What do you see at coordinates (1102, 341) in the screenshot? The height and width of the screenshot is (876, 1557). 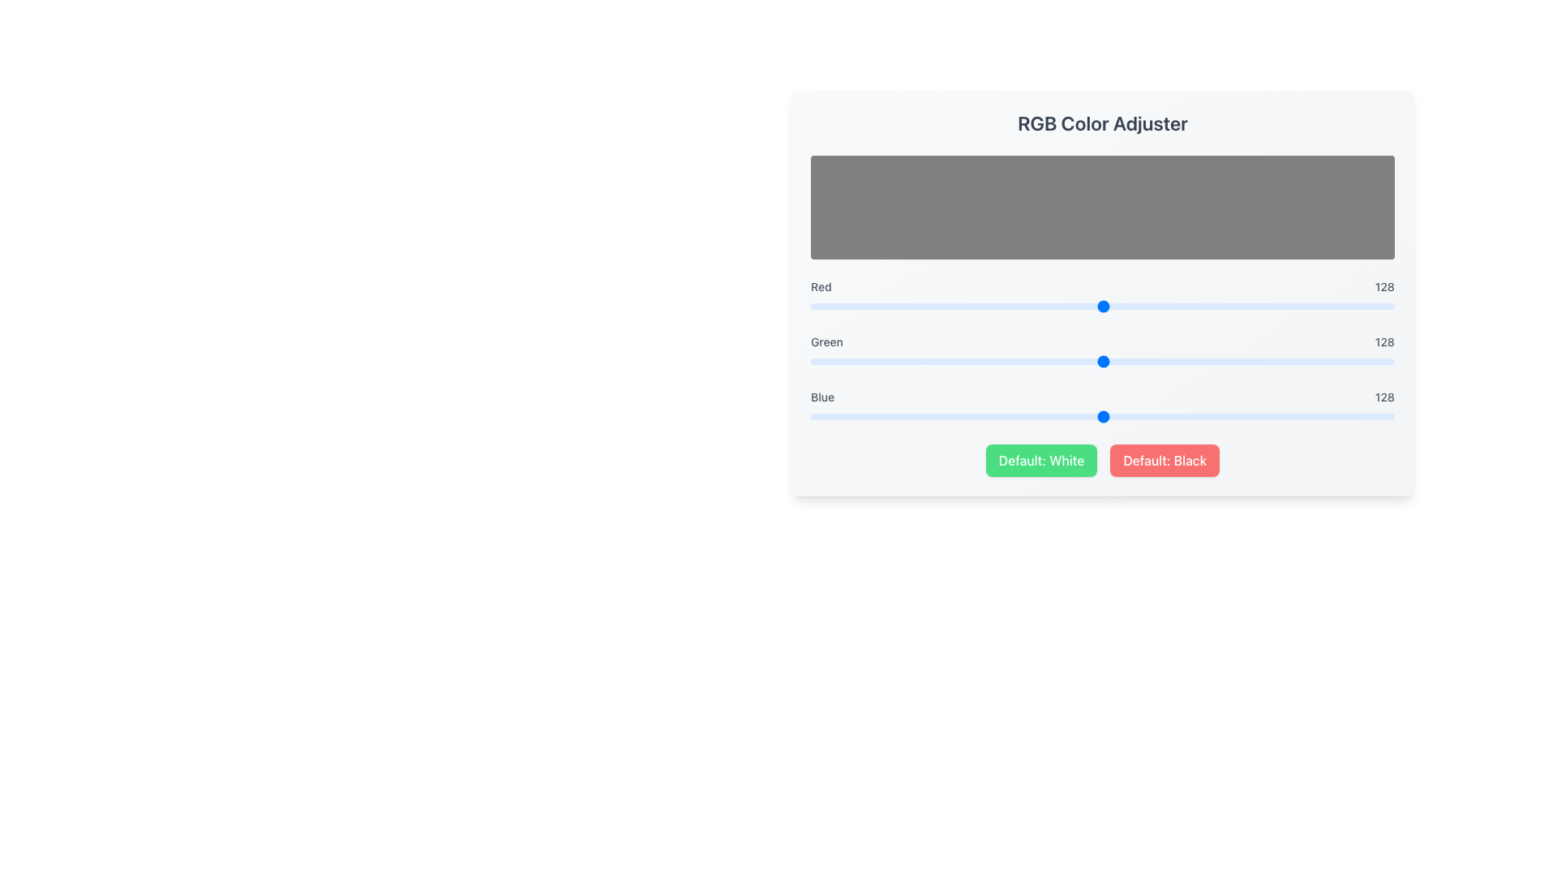 I see `the Text display element containing the texts 'Green' and '128', which is part of the color adjustment interface, positioned between the 'Red' and 'Blue' components` at bounding box center [1102, 341].